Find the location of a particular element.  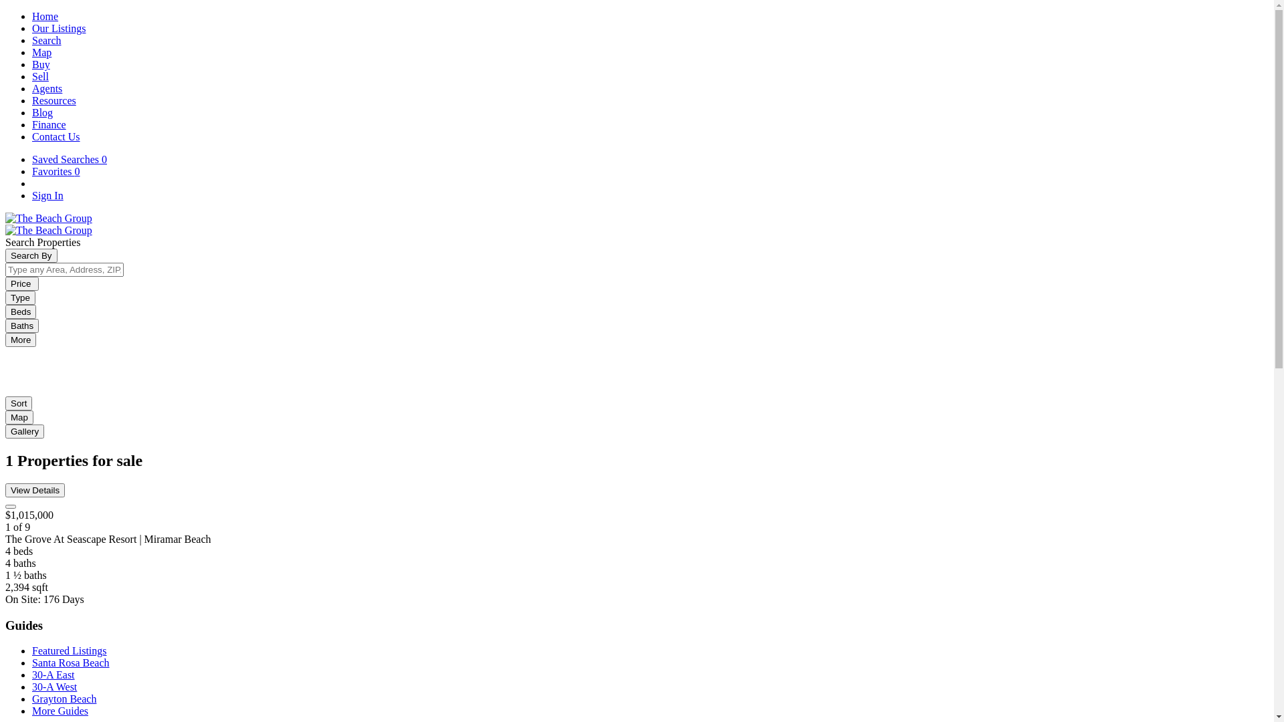

'Blog' is located at coordinates (42, 112).